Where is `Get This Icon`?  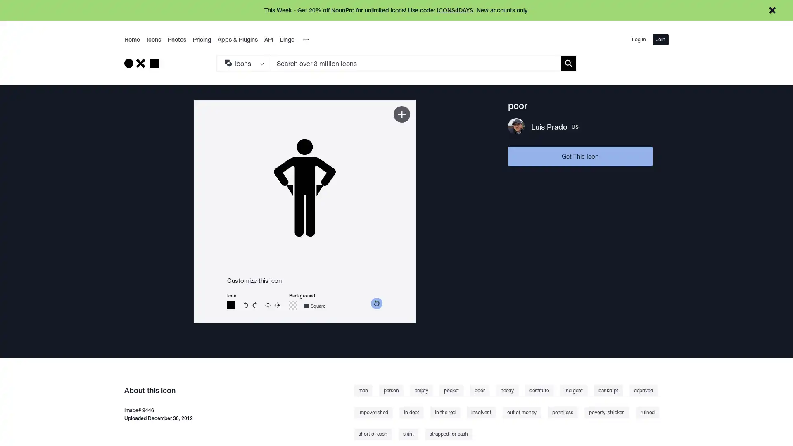
Get This Icon is located at coordinates (579, 156).